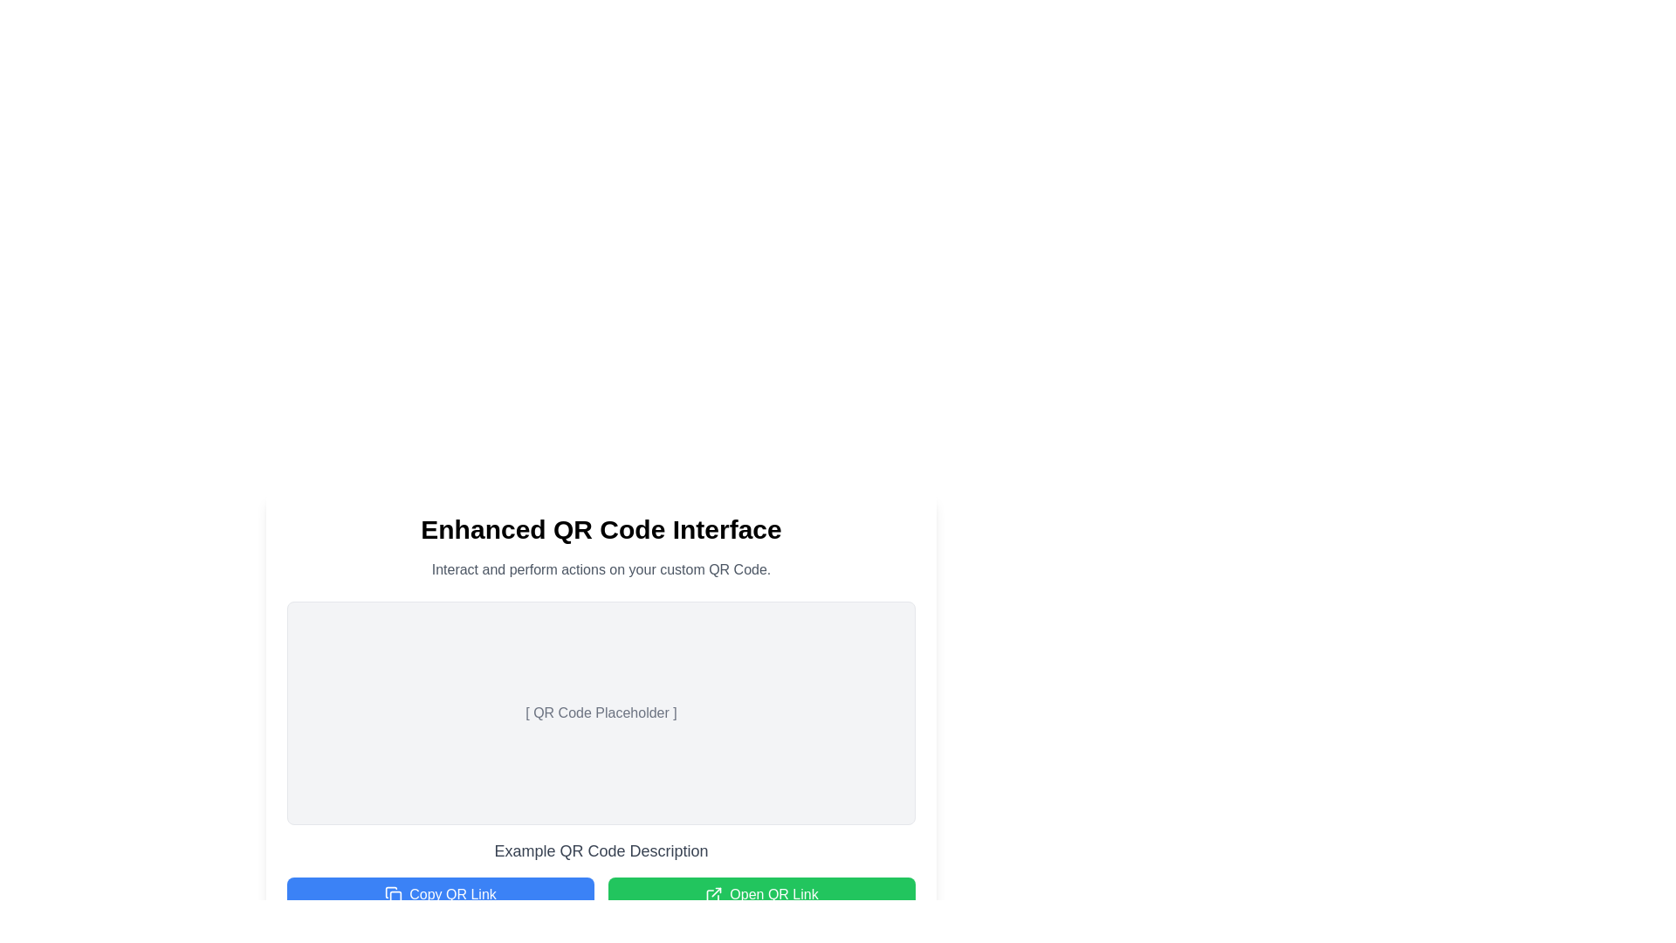 Image resolution: width=1676 pixels, height=943 pixels. I want to click on the Static Text Label displaying 'Example QR Code Description', which is styled in gray font and positioned below the QR code placeholder, so click(601, 850).